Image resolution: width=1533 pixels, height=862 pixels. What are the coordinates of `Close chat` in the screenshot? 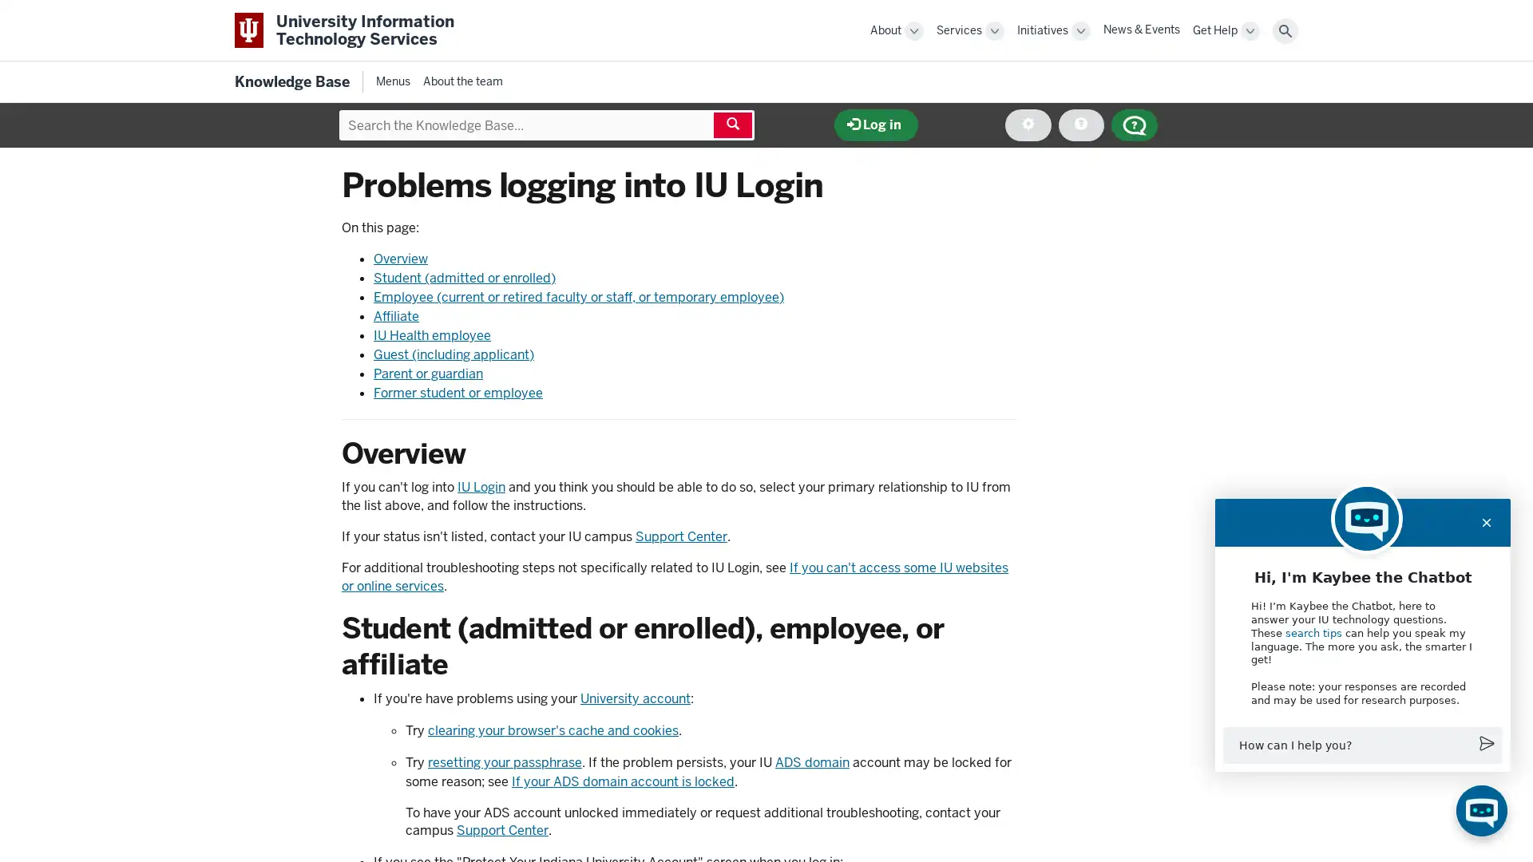 It's located at (1486, 522).